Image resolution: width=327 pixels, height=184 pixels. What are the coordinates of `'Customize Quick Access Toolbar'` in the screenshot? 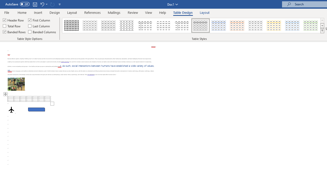 It's located at (60, 4).